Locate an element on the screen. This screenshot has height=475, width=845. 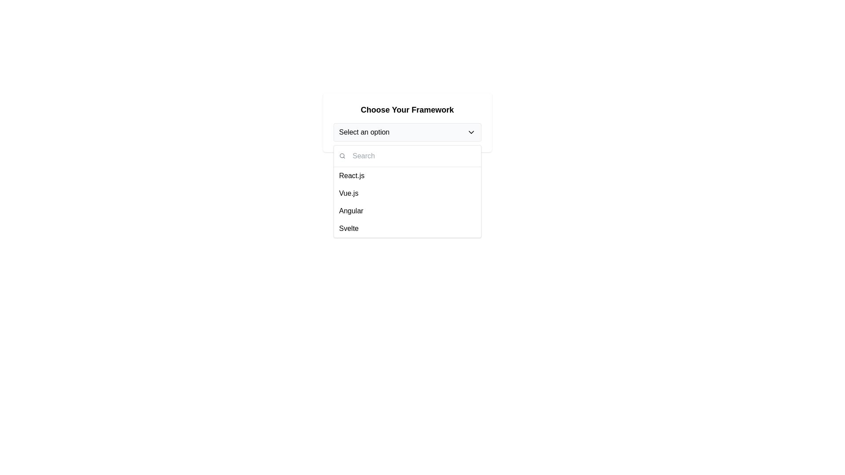
the text label 'Svelte' in the dropdown list is located at coordinates (348, 228).